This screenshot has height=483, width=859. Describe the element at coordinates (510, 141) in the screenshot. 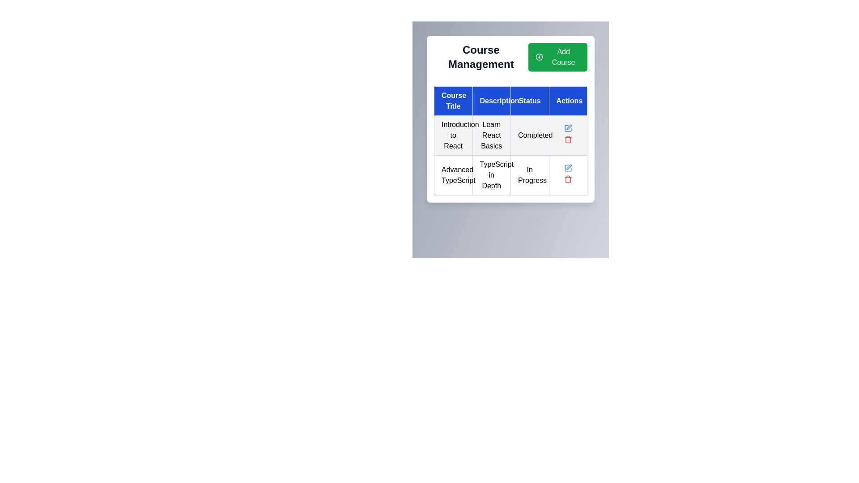

I see `the course summary table element` at that location.